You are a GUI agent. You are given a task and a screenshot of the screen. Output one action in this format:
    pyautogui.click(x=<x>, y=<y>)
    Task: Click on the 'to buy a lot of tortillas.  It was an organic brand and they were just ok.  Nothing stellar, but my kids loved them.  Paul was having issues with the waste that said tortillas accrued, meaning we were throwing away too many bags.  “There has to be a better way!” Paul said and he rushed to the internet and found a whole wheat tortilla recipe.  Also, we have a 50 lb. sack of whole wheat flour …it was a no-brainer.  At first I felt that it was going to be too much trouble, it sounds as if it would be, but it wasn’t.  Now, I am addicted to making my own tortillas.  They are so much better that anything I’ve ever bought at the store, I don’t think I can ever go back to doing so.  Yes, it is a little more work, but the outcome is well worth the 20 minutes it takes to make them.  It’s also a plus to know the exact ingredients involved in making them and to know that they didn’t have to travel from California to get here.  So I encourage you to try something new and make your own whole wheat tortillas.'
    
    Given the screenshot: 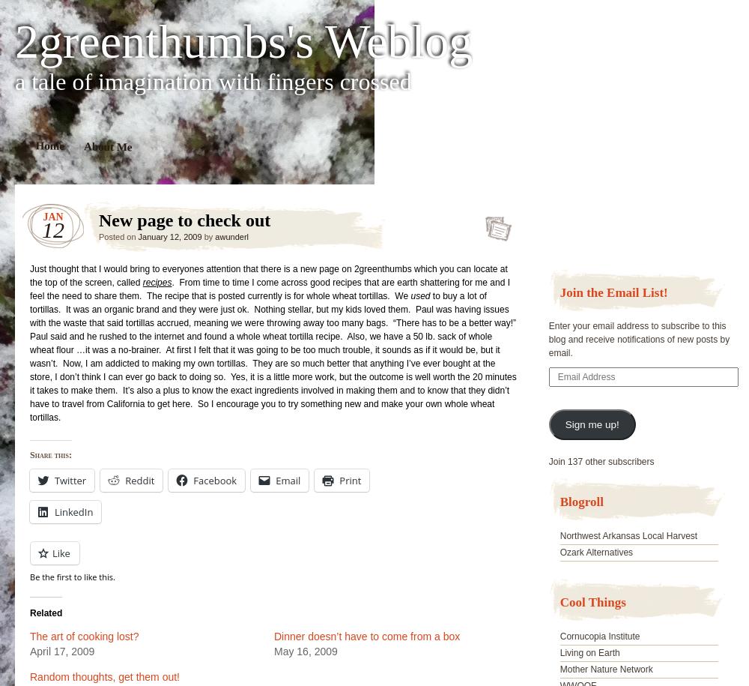 What is the action you would take?
    pyautogui.click(x=30, y=355)
    